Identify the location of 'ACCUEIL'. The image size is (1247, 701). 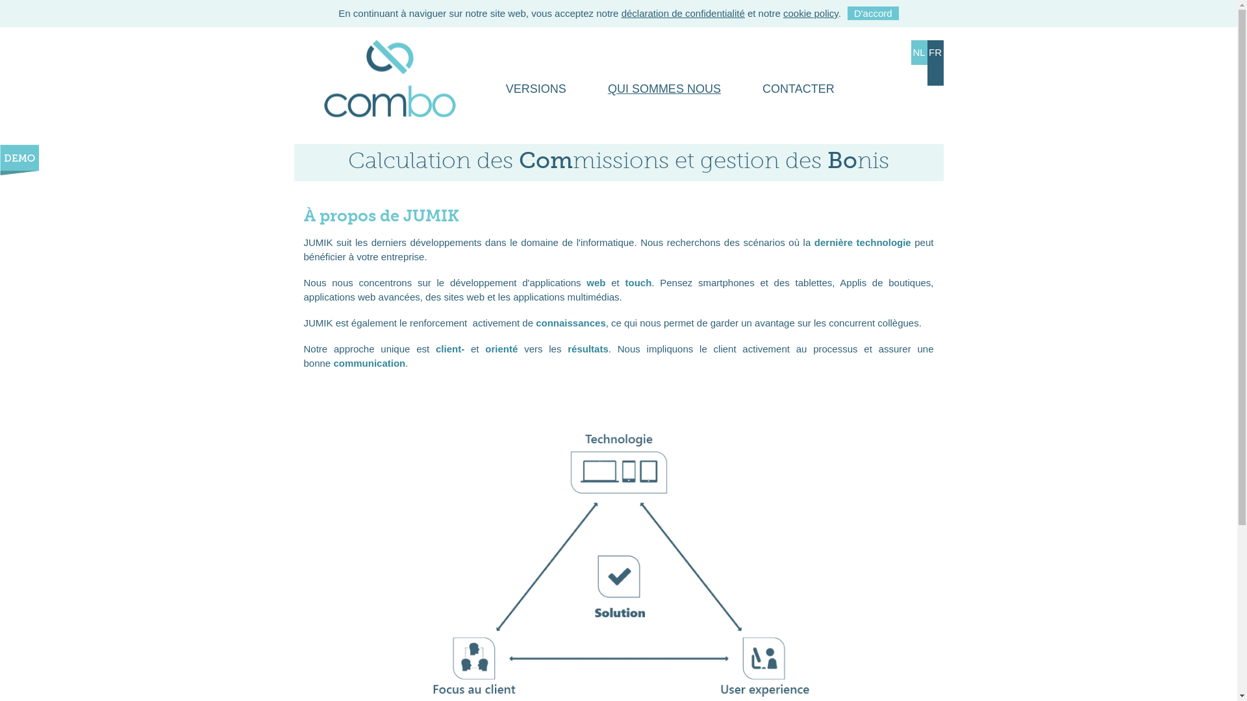
(312, 88).